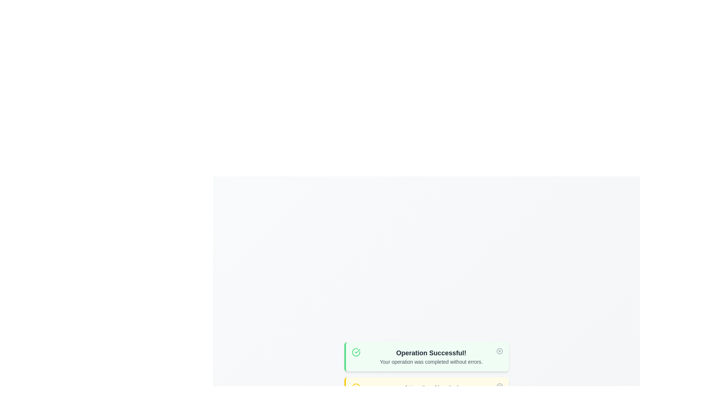  What do you see at coordinates (431, 353) in the screenshot?
I see `the alert's title by clicking on its center` at bounding box center [431, 353].